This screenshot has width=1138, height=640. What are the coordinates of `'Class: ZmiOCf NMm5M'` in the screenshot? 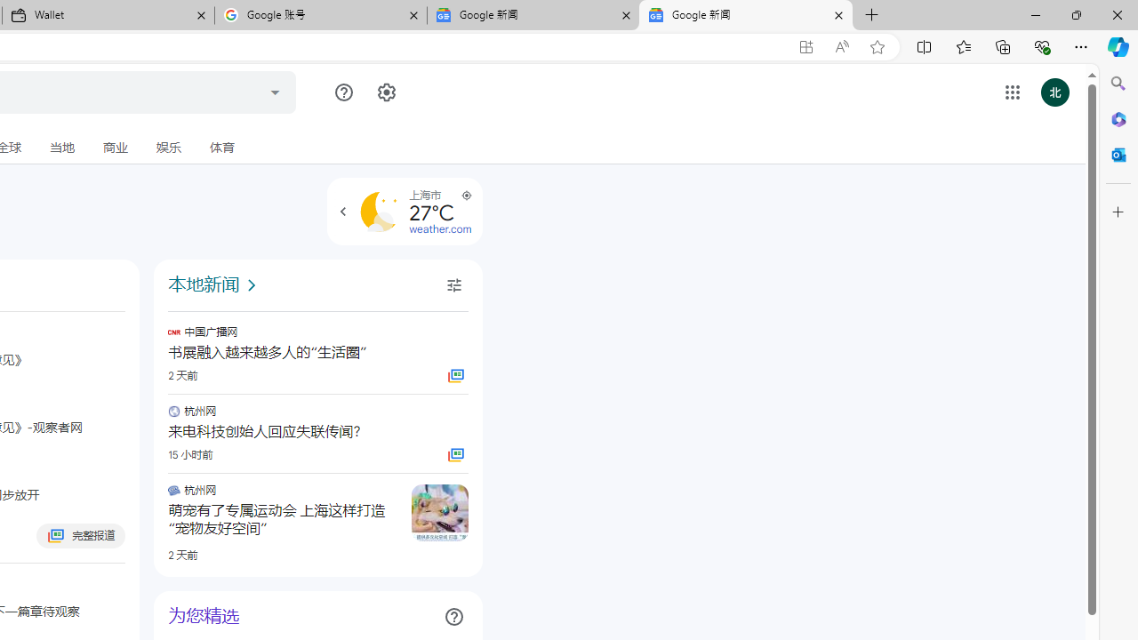 It's located at (453, 616).